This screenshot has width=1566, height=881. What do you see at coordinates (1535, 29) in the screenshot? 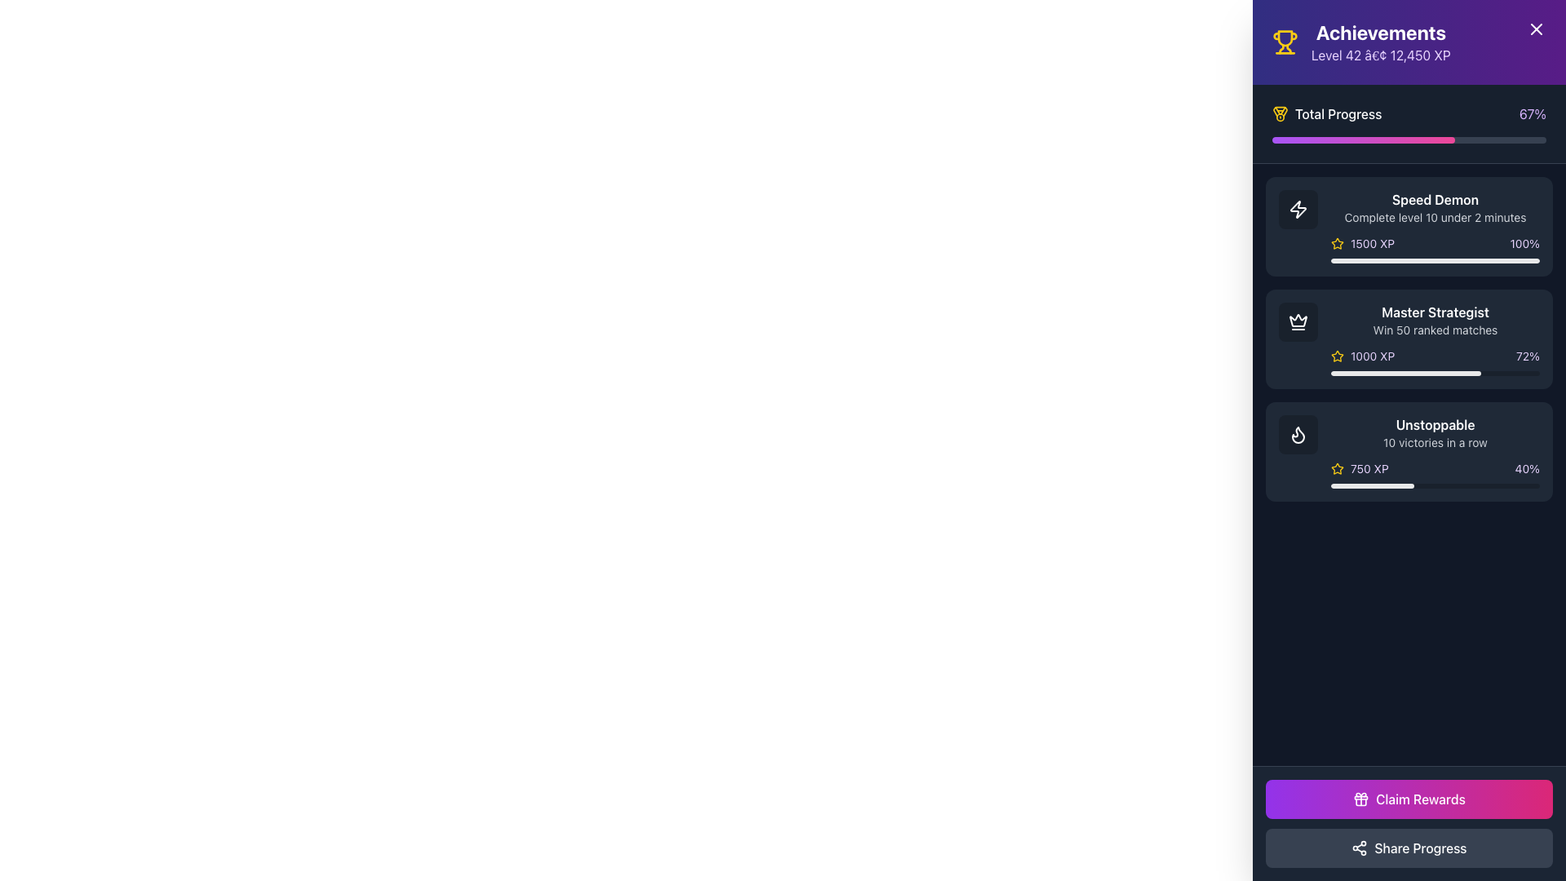
I see `the rounded button with a white 'X' on a purple background located in the top-right corner of the 'Achievements' panel` at bounding box center [1535, 29].